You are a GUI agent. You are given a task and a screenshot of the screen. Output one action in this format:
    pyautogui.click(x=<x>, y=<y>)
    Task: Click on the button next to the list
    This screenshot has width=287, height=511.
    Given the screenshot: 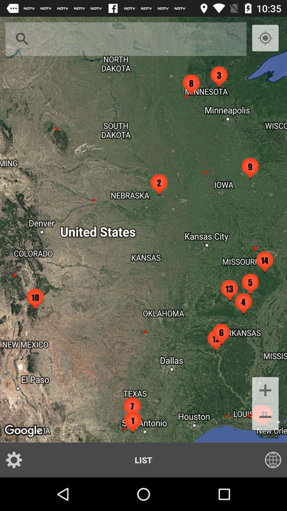 What is the action you would take?
    pyautogui.click(x=17, y=460)
    